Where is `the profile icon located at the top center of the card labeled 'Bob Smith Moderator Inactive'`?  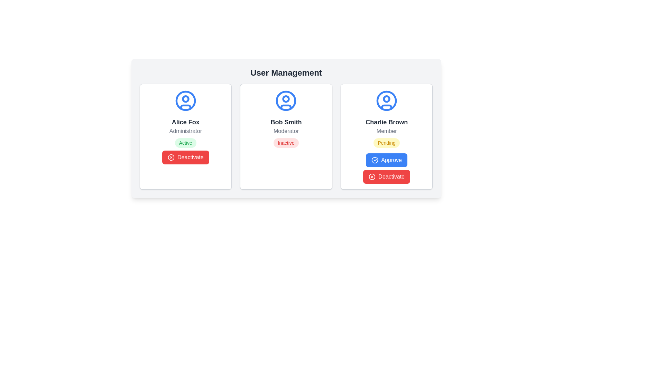
the profile icon located at the top center of the card labeled 'Bob Smith Moderator Inactive' is located at coordinates (286, 101).